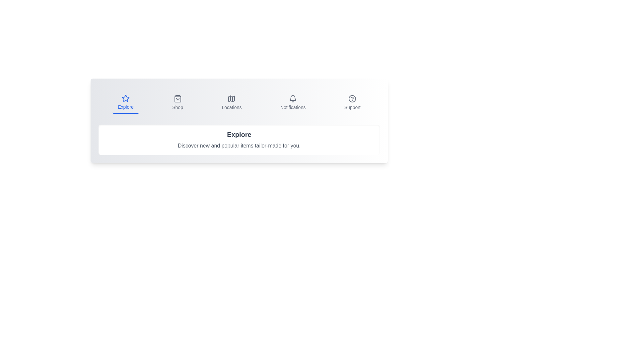 This screenshot has height=358, width=637. Describe the element at coordinates (239, 139) in the screenshot. I see `description of the Informational Panel that introduces the 'Explore' feature, positioned at the bottom of the navigation links` at that location.